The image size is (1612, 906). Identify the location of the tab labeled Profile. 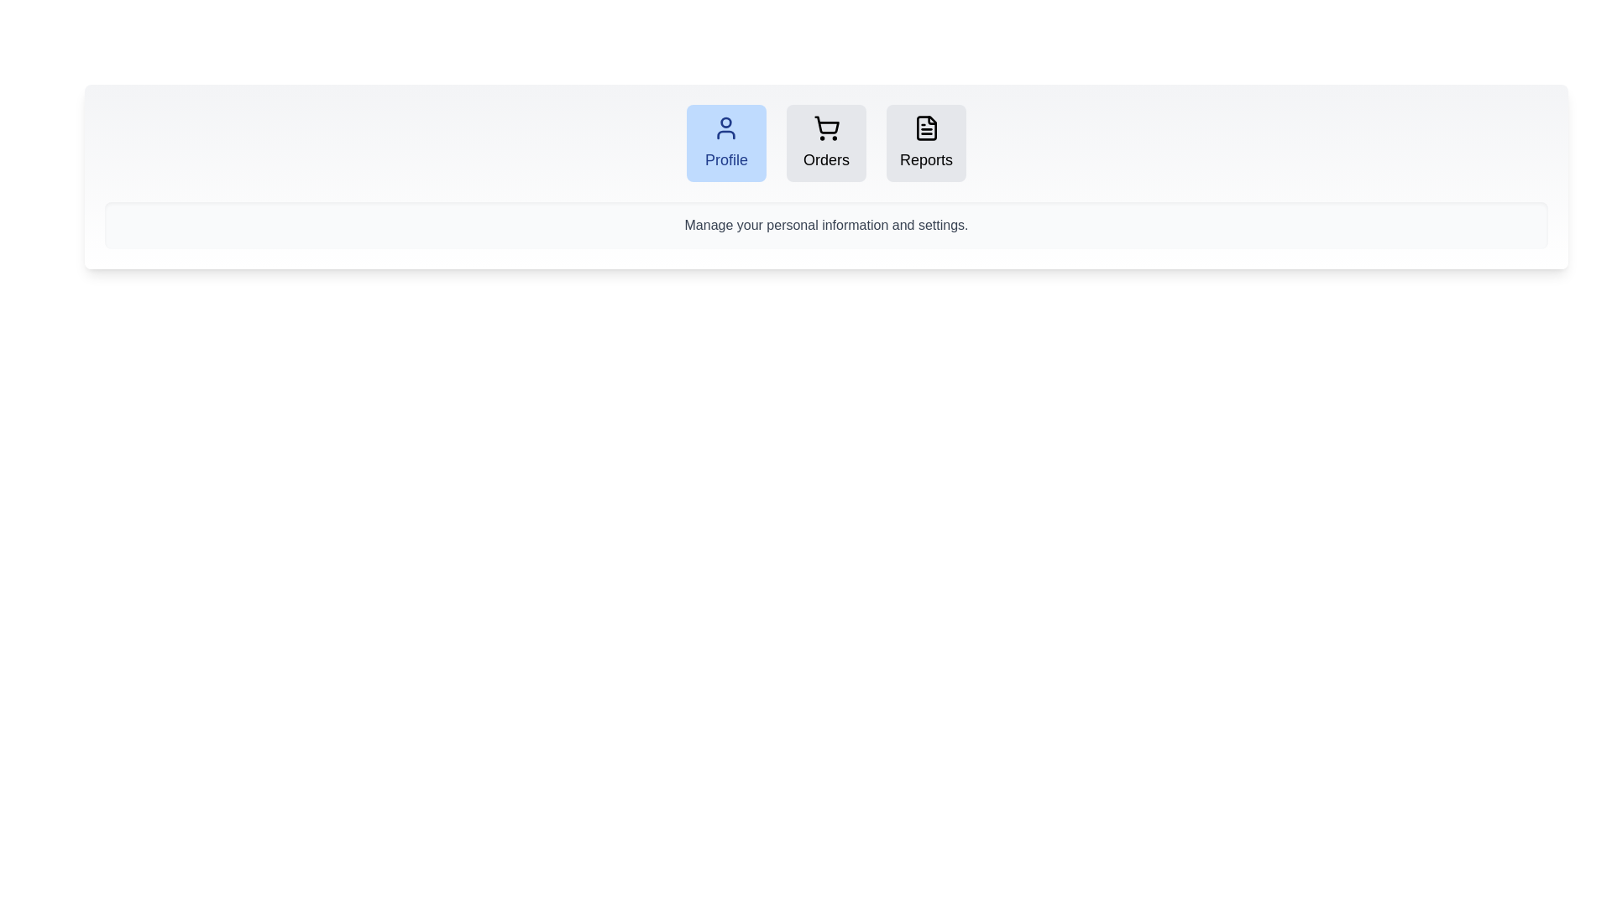
(726, 142).